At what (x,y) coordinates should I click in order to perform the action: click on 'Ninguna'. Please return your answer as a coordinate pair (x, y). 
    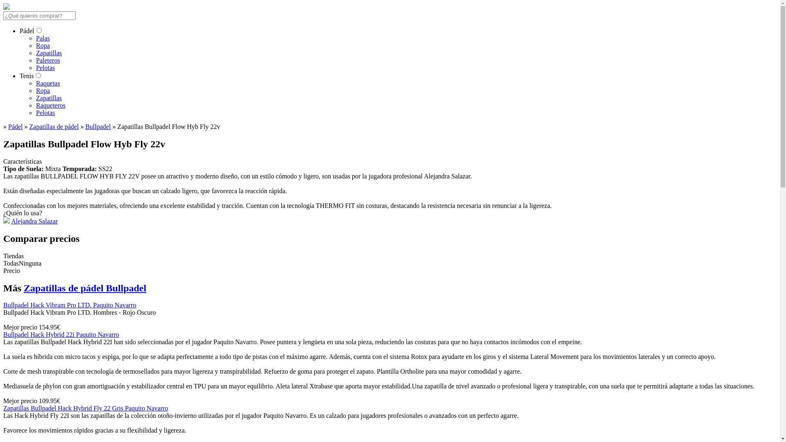
    Looking at the image, I should click on (19, 263).